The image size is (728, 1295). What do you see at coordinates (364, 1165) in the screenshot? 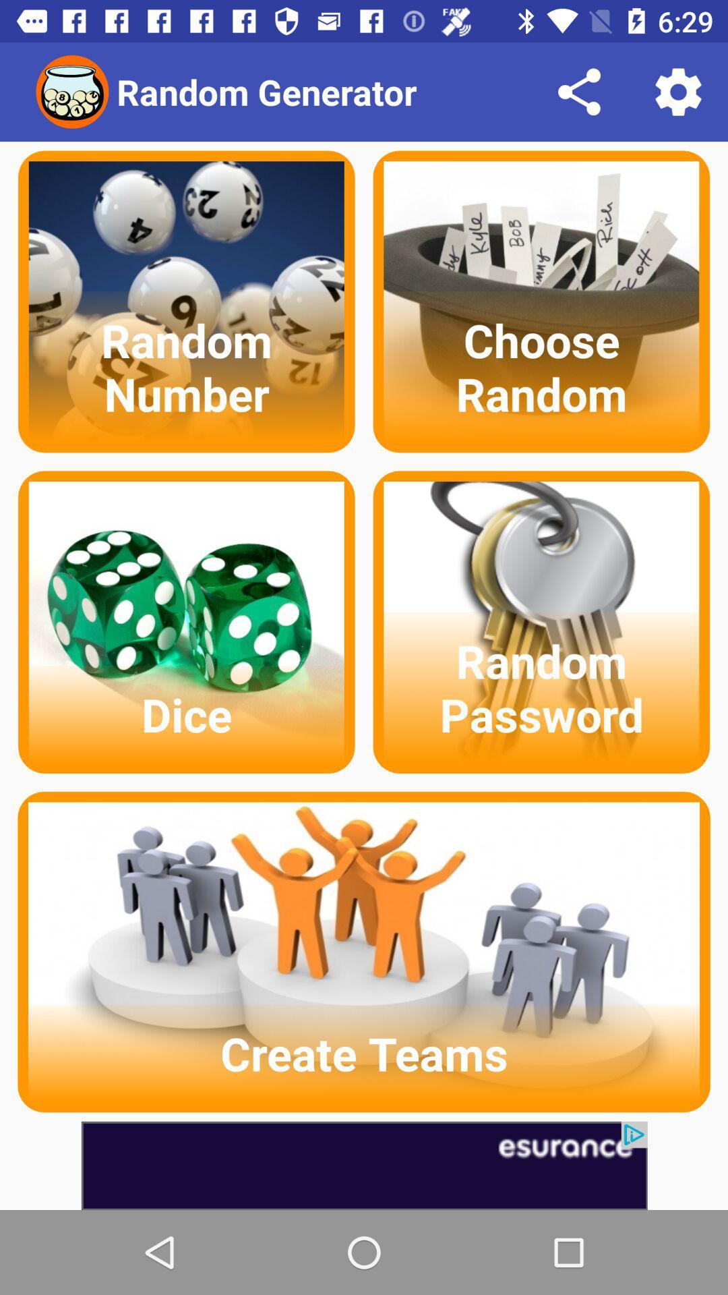
I see `redirects you to esurance offer` at bounding box center [364, 1165].